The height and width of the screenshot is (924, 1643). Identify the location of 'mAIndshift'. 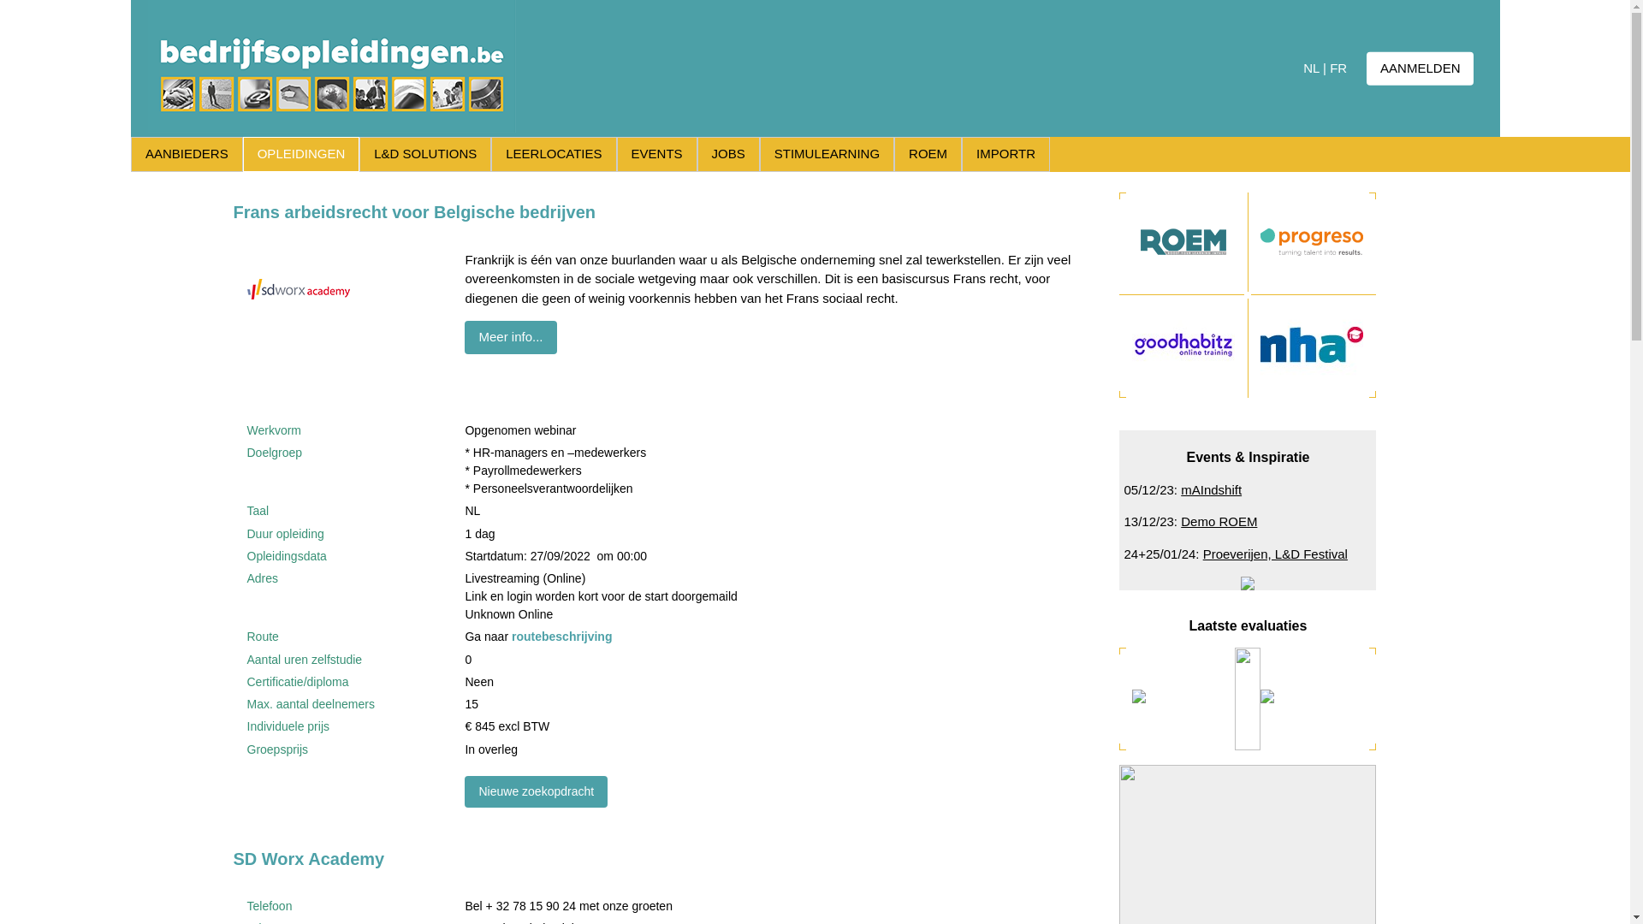
(1210, 489).